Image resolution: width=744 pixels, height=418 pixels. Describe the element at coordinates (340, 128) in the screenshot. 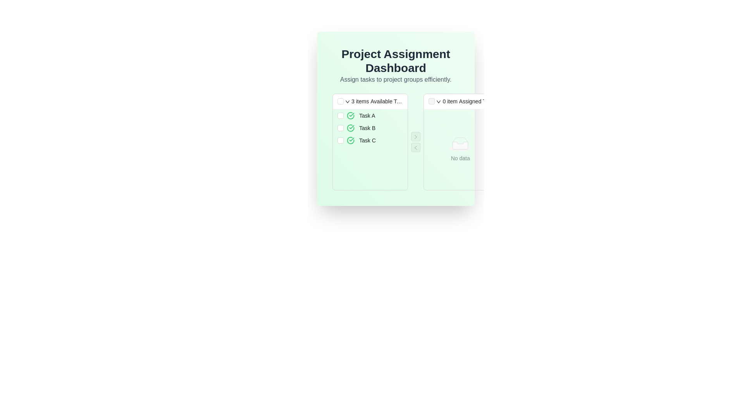

I see `the checkbox located` at that location.